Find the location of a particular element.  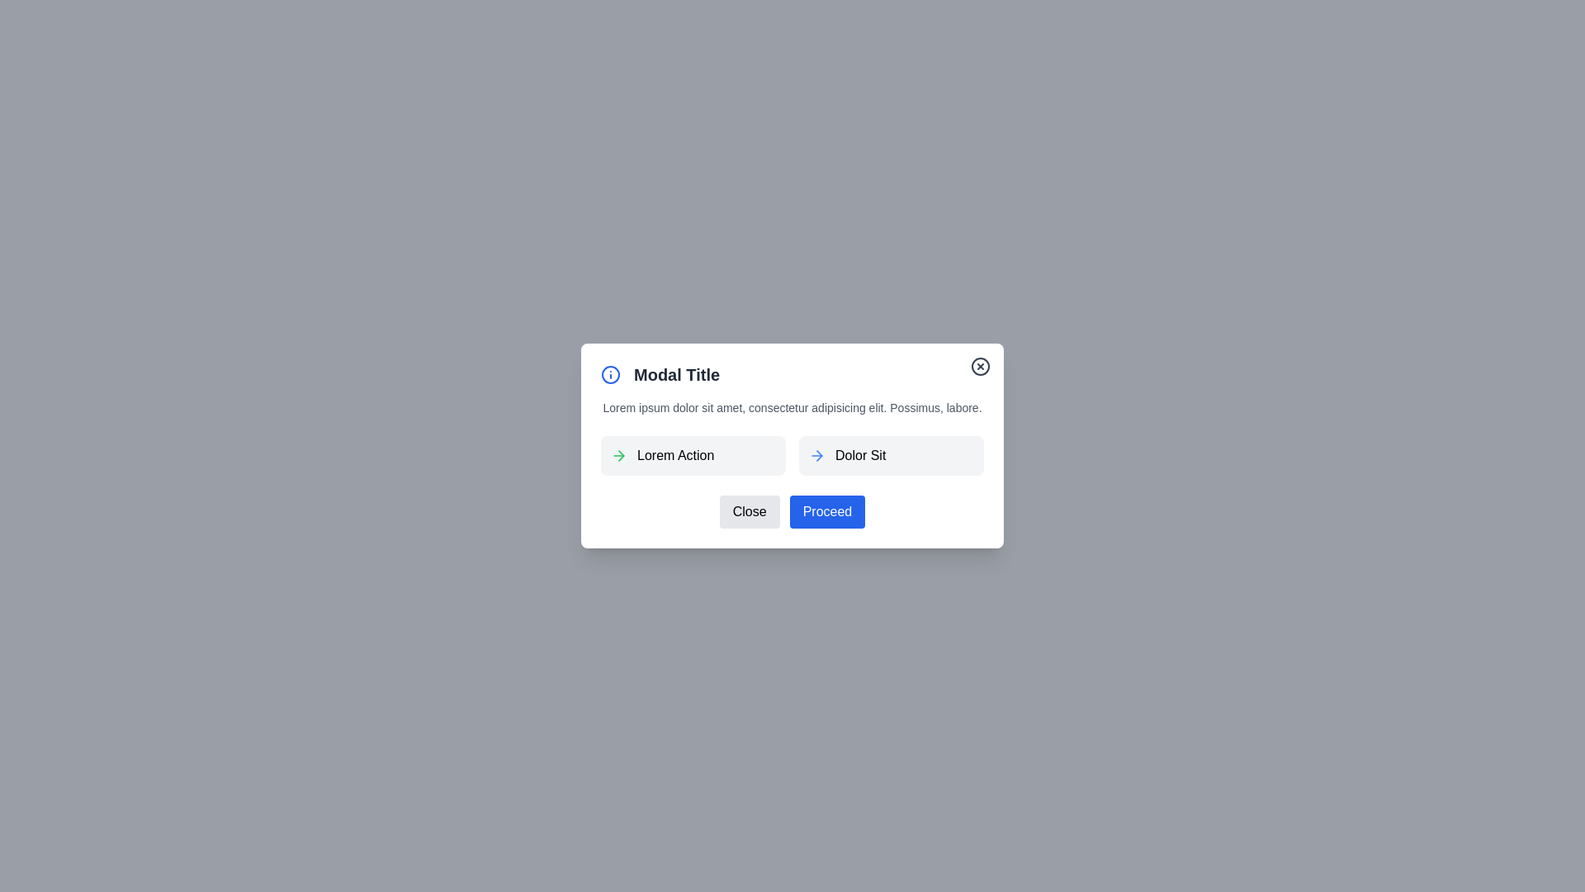

the 'Proceed' button, which is a rectangular button with a blue background and white text, located at the bottom of the modal dialog box, to trigger the hover effect is located at coordinates (827, 511).